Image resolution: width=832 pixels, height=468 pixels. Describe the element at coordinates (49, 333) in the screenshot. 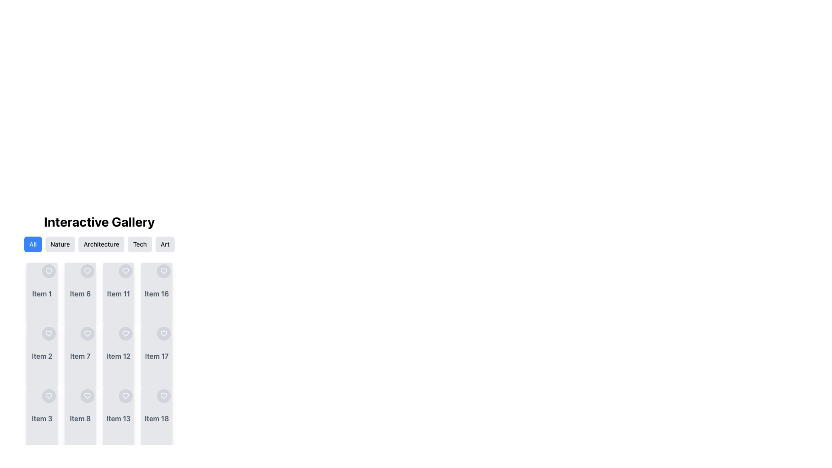

I see `the heart-shaped icon button located beneath the label 'Item 2' in the first column of the grid layout` at that location.